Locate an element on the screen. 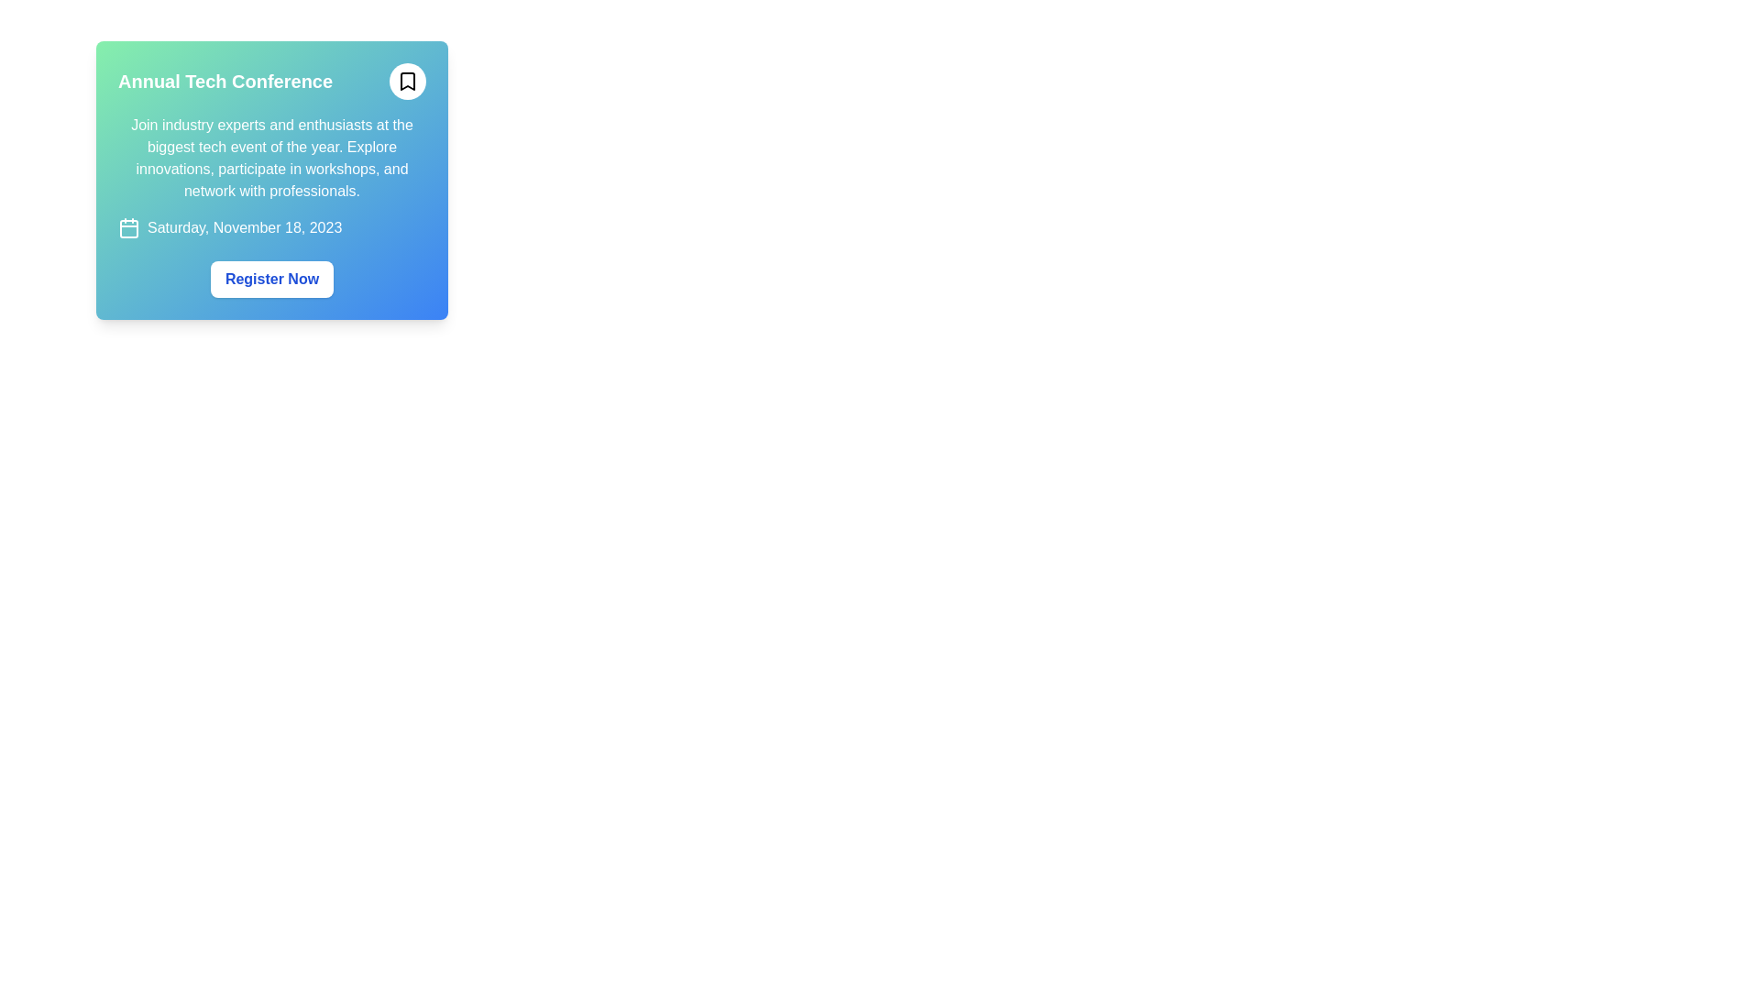 This screenshot has width=1760, height=990. the bookmark-shaped icon located in the top-right corner of the 'Annual Tech Conference' card is located at coordinates (407, 80).